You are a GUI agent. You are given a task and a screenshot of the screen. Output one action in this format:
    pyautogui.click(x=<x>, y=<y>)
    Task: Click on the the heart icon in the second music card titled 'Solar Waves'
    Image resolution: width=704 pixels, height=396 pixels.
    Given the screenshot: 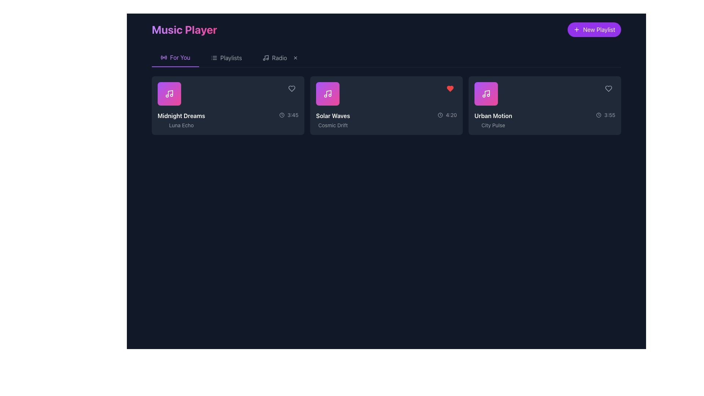 What is the action you would take?
    pyautogui.click(x=450, y=88)
    